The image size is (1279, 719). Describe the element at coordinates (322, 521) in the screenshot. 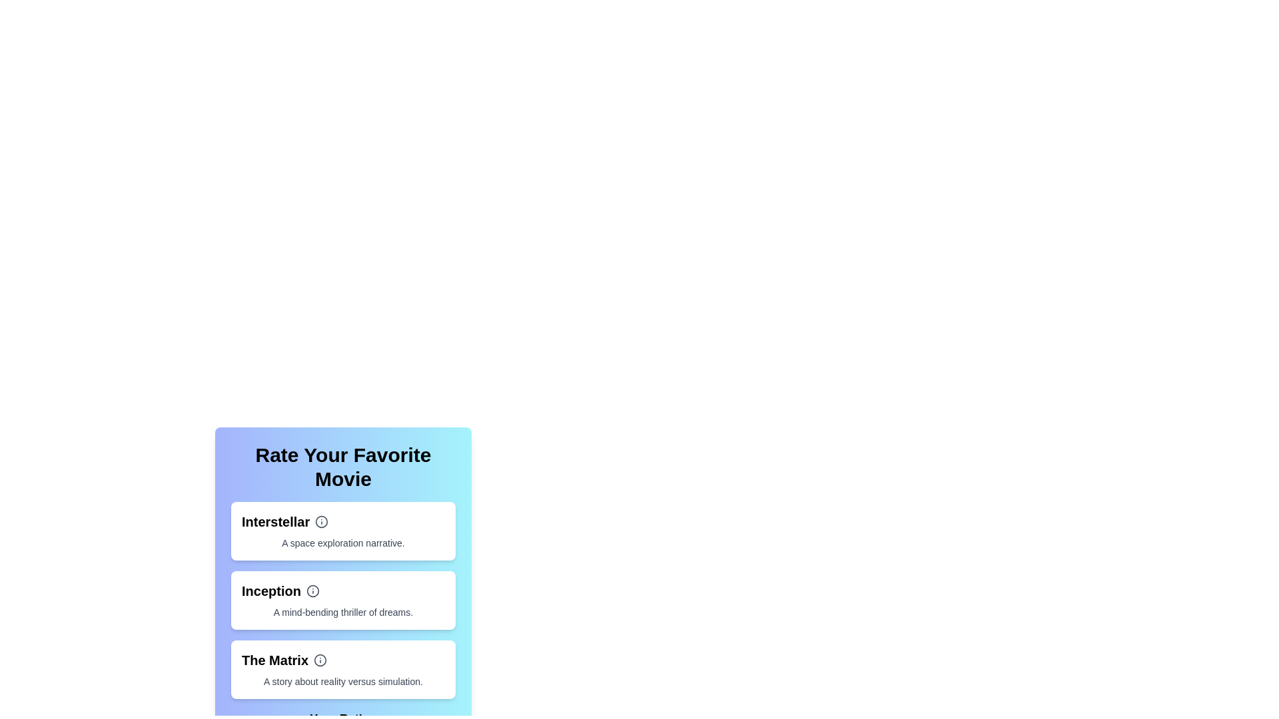

I see `the outermost circular graphical element of the 'information' icon, which is part of the 'Interstellar' movie button` at that location.